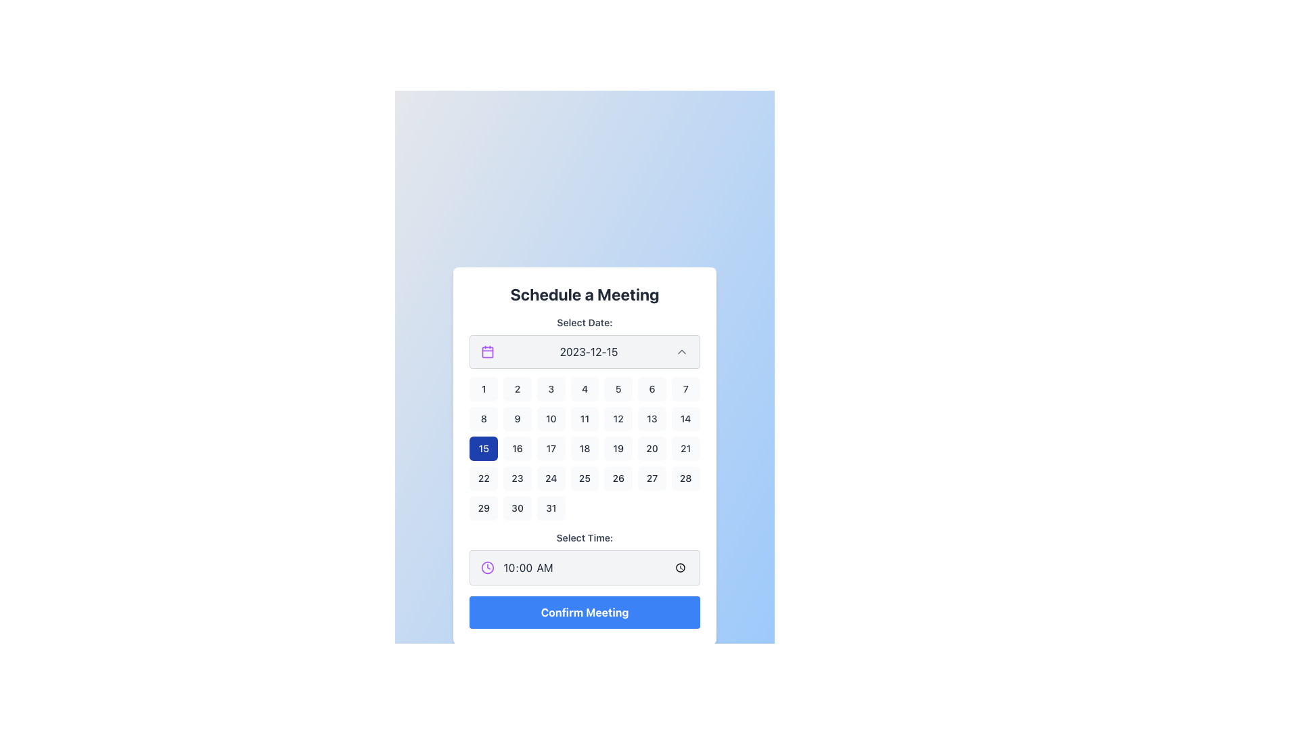 This screenshot has height=731, width=1299. What do you see at coordinates (484, 477) in the screenshot?
I see `the rectangular button labeled '22' located in the fourth row and second column of the calendar grid` at bounding box center [484, 477].